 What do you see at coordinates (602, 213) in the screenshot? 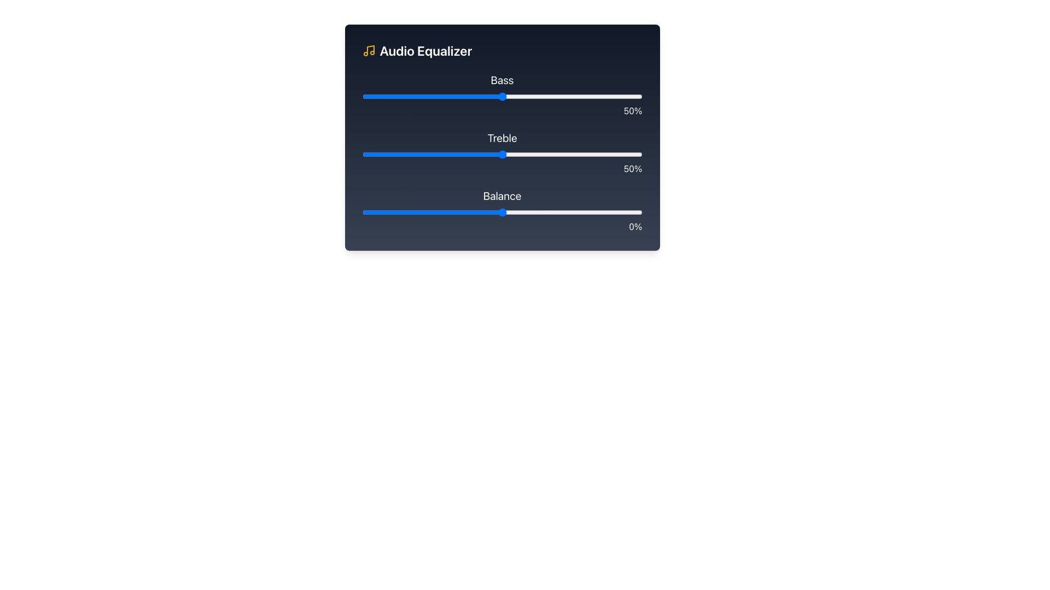
I see `balance` at bounding box center [602, 213].